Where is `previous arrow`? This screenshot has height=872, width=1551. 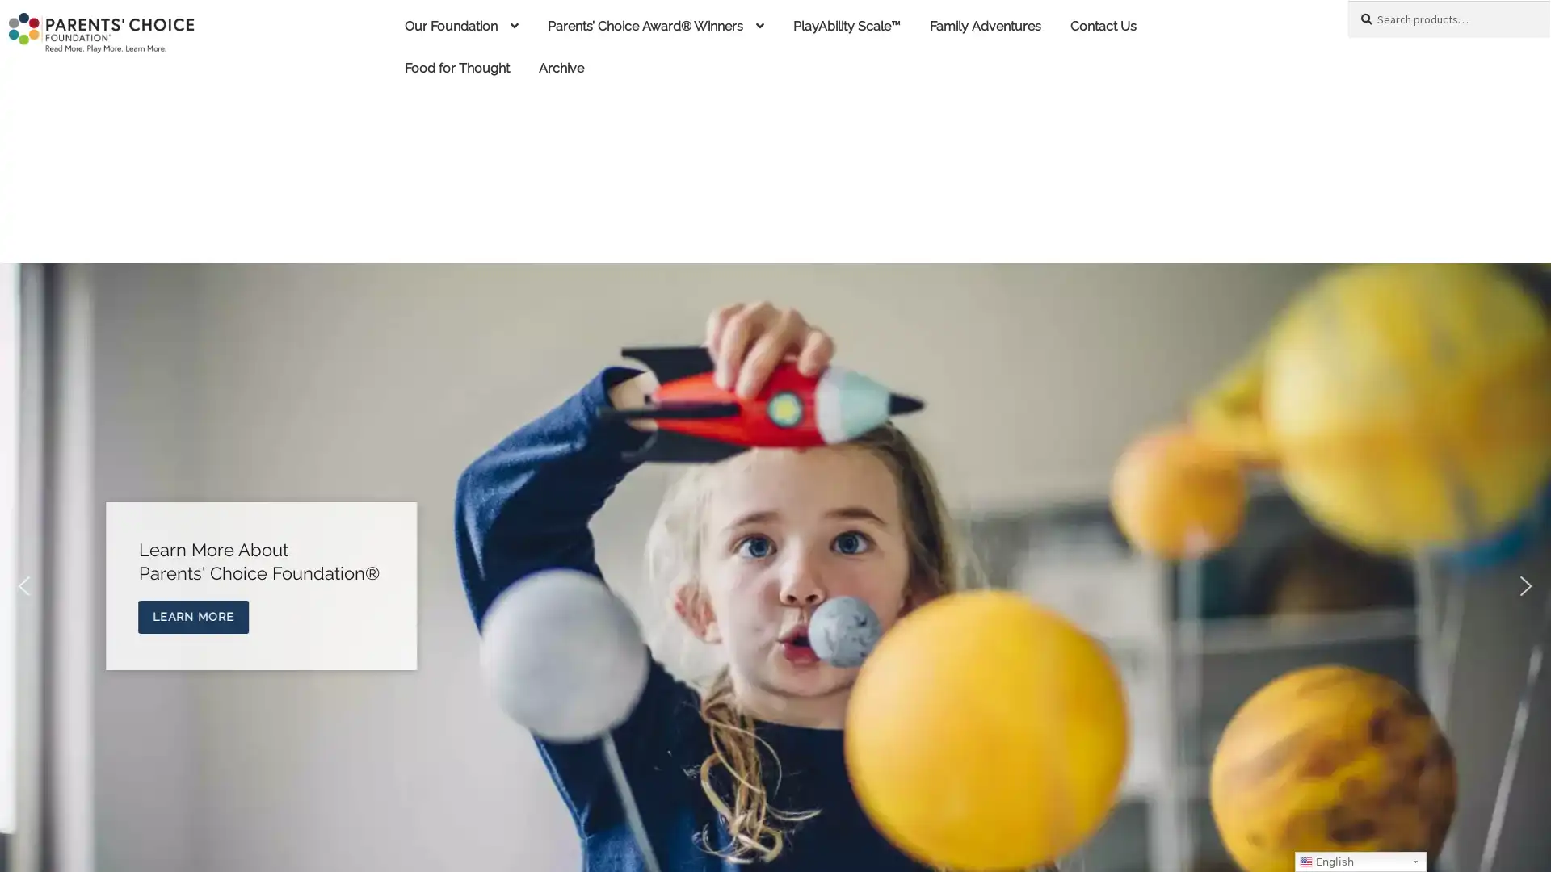 previous arrow is located at coordinates (23, 585).